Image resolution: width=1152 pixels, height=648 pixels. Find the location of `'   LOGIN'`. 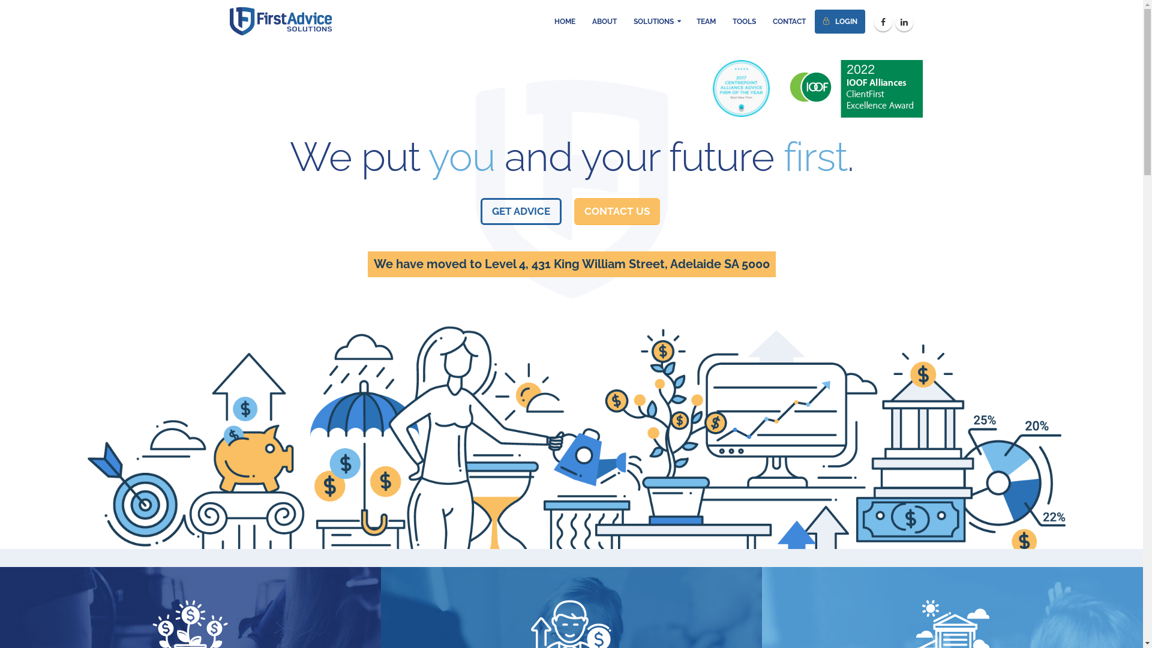

'   LOGIN' is located at coordinates (839, 21).